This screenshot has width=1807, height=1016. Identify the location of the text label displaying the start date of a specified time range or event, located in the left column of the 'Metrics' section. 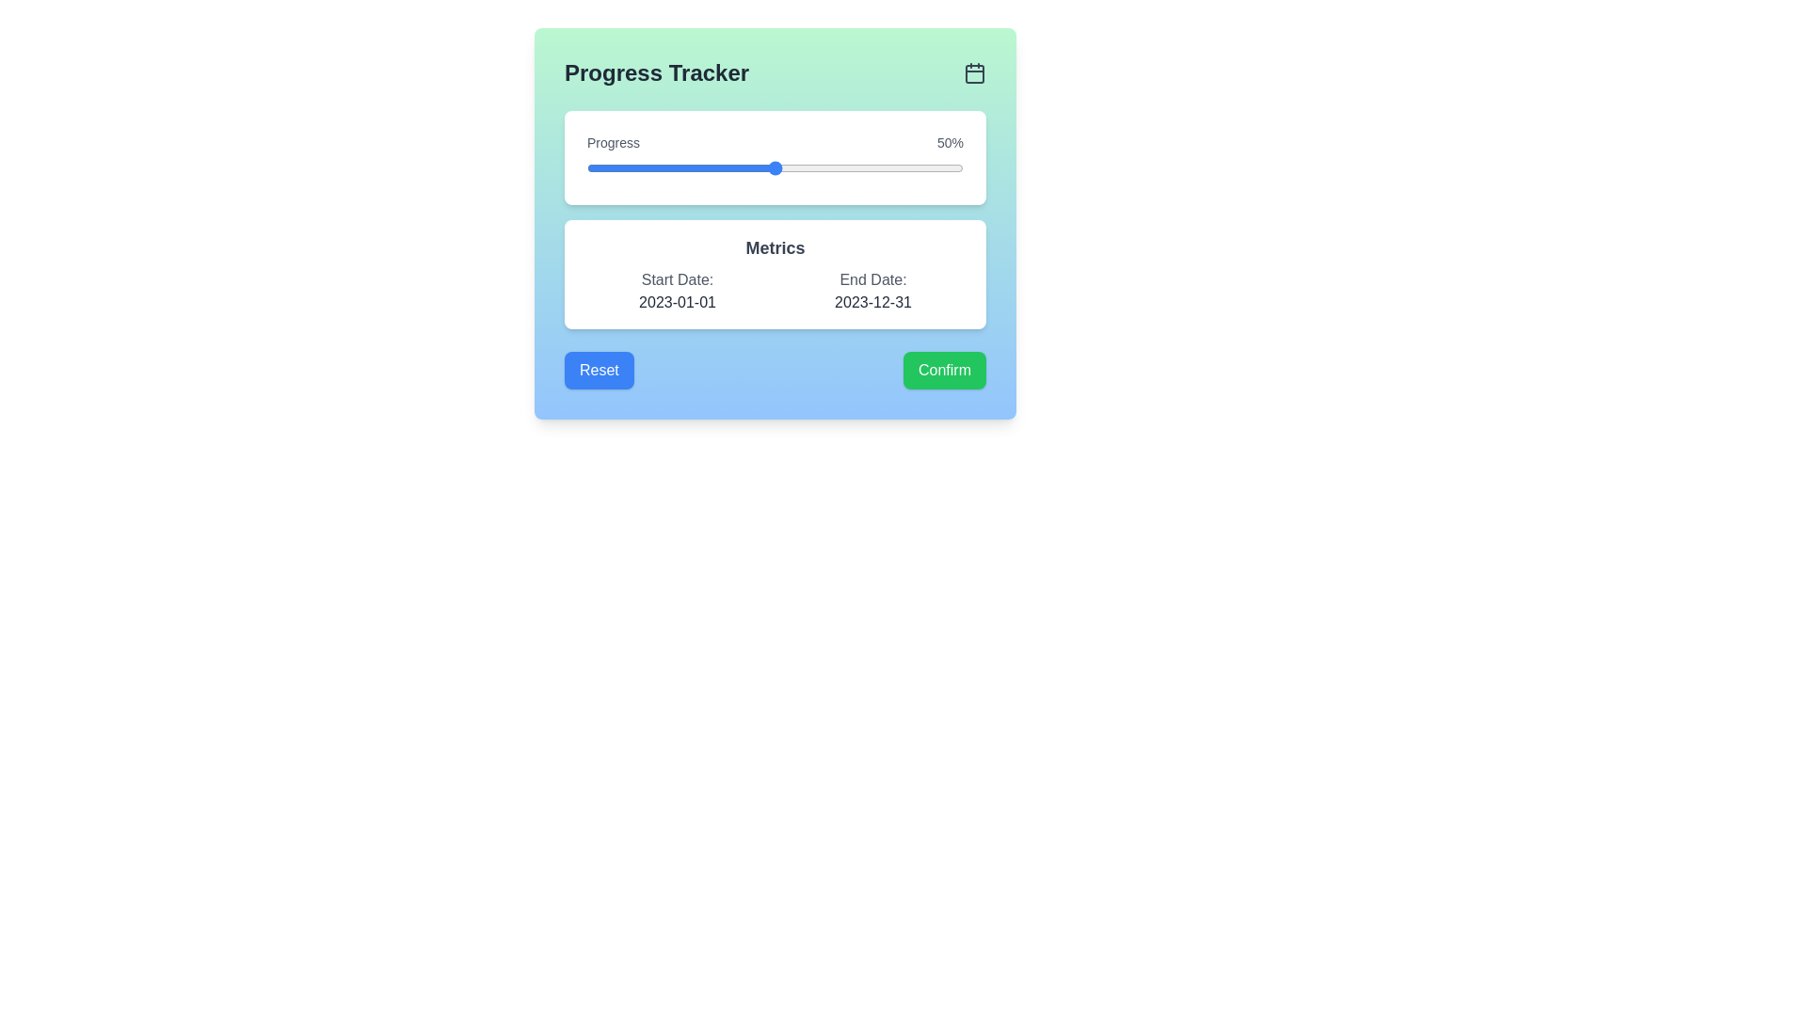
(678, 291).